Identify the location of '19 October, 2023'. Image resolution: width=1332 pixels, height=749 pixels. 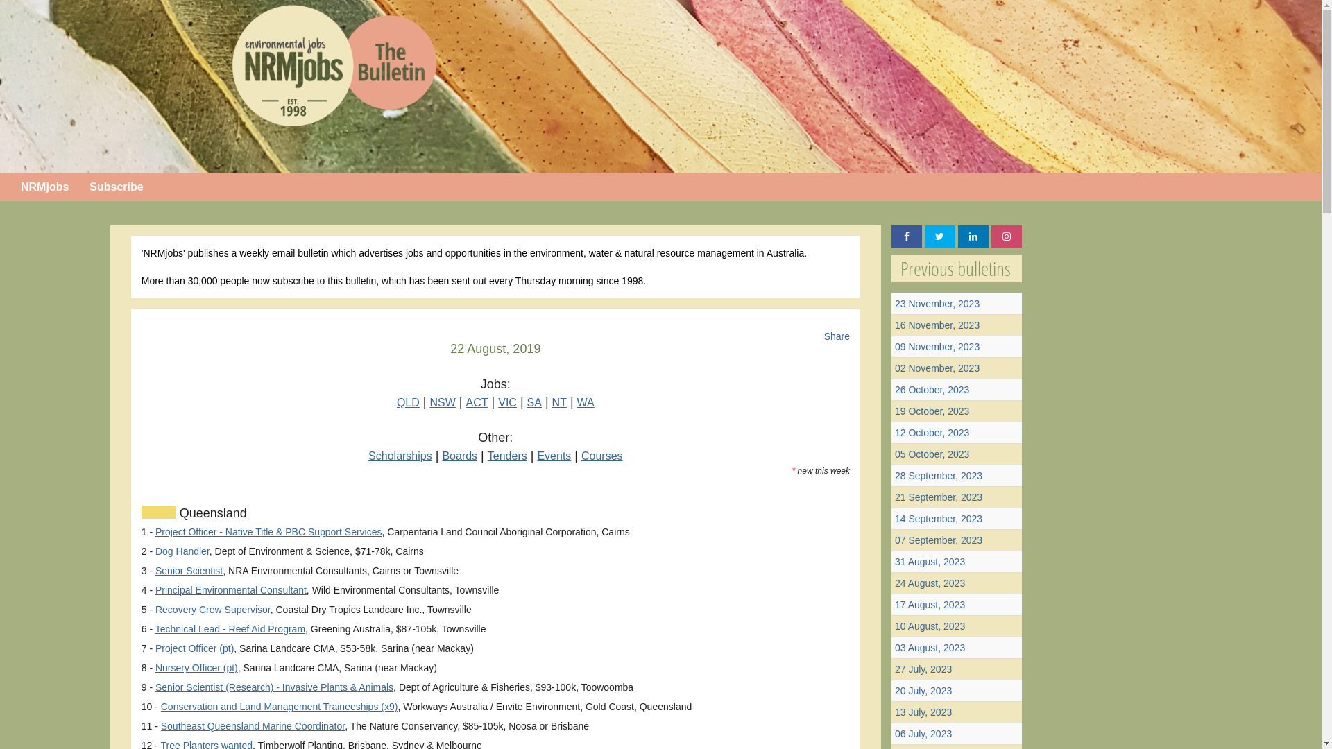
(932, 411).